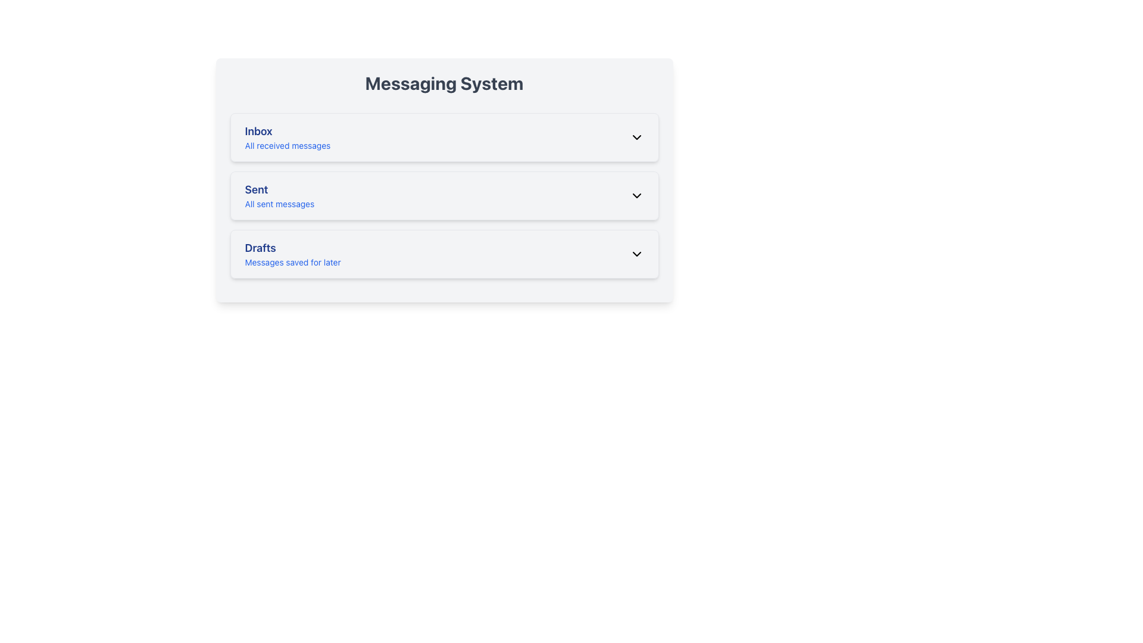  I want to click on the 'Sent' section in the messaging system to activate potential hover effects, so click(444, 180).